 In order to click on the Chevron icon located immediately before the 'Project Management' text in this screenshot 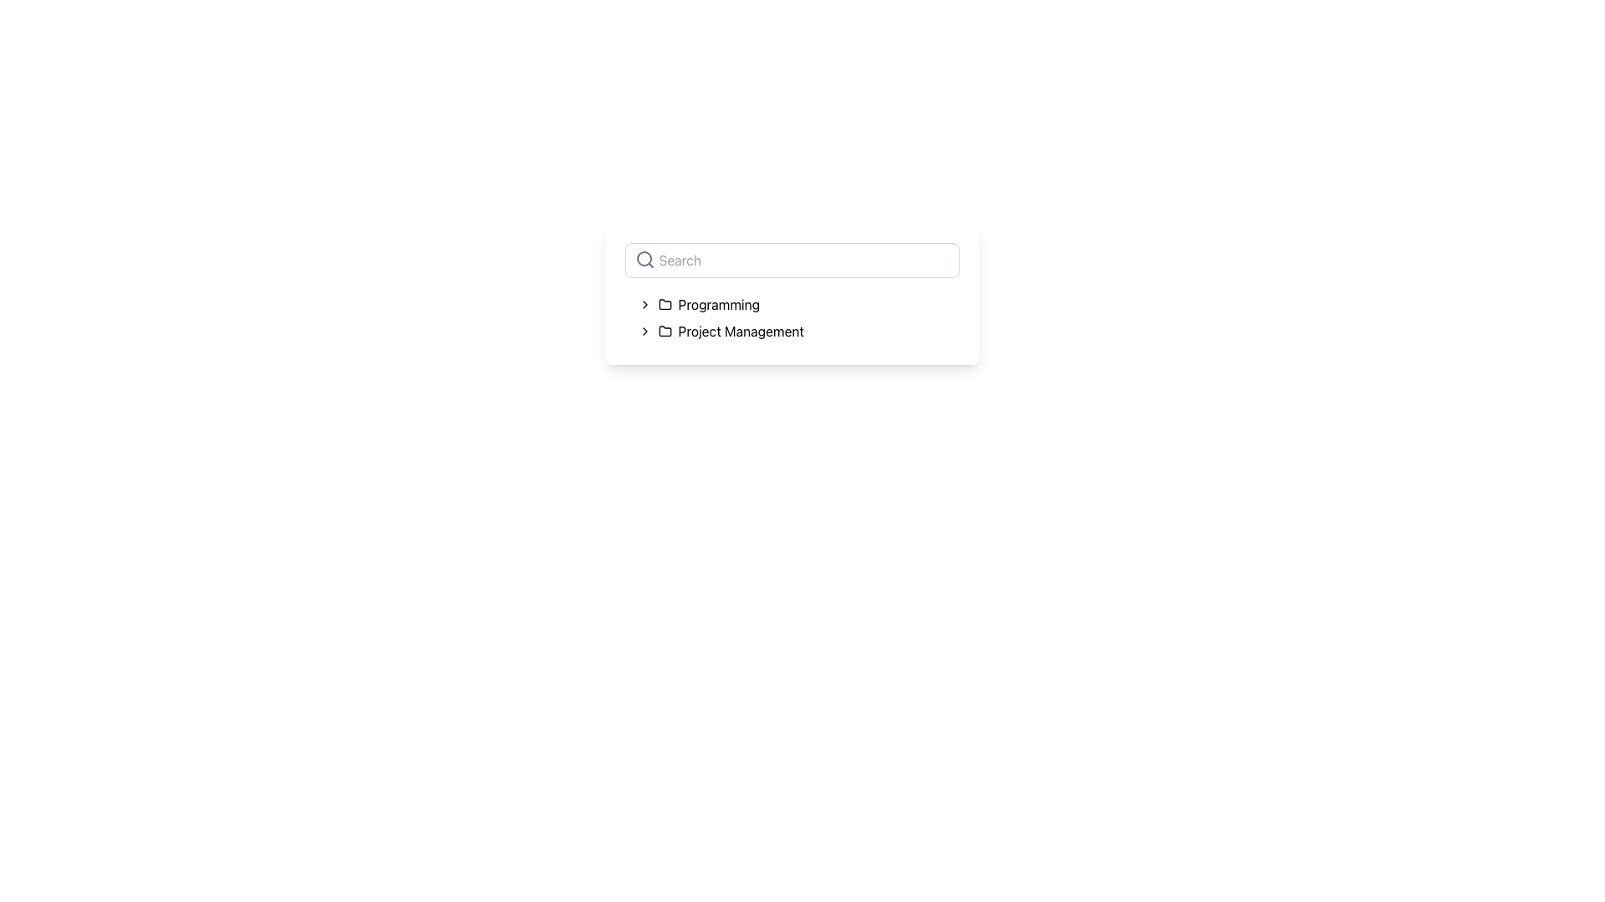, I will do `click(644, 332)`.